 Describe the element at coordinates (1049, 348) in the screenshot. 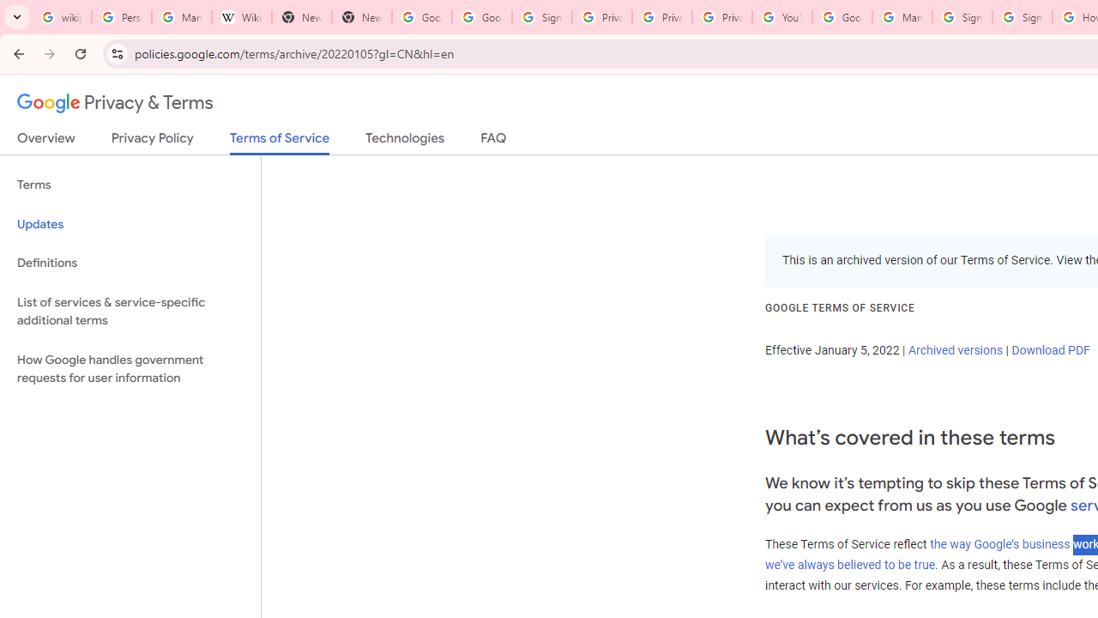

I see `'Download PDF'` at that location.